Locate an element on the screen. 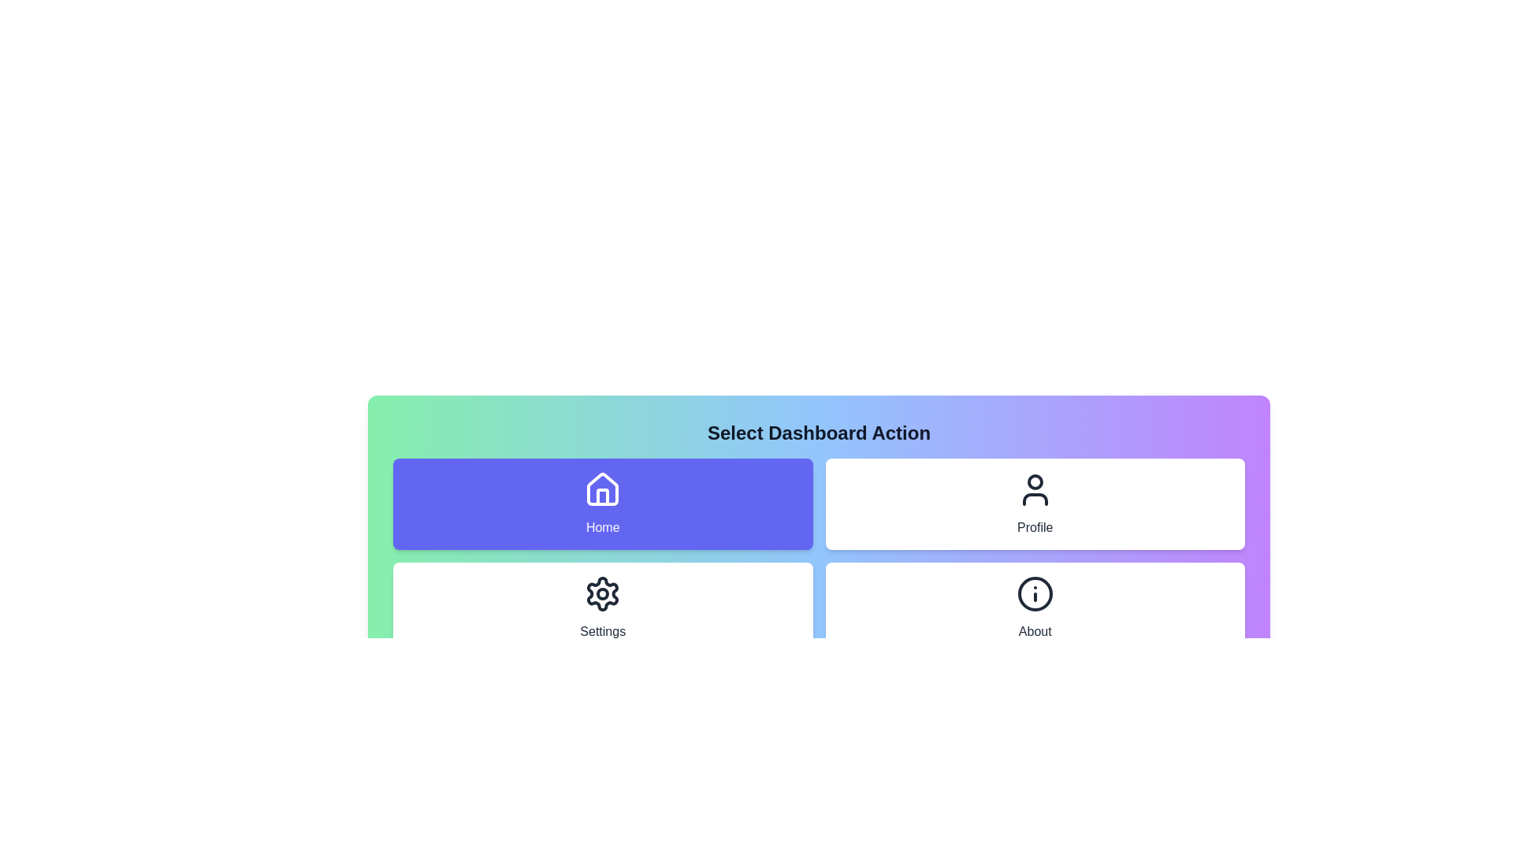 Image resolution: width=1513 pixels, height=851 pixels. the Profile button to select the corresponding dashboard action is located at coordinates (1035, 504).